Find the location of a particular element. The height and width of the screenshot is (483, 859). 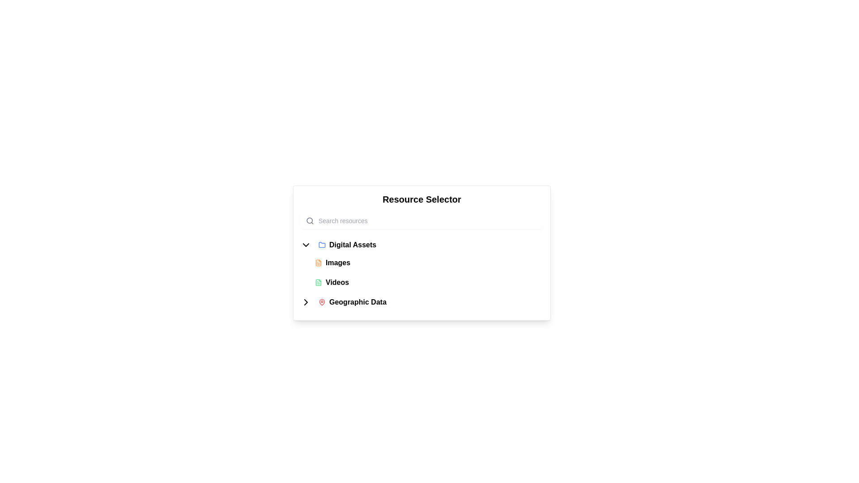

the map pin icon representing 'Geographic Data' in the Resource Selector list is located at coordinates (322, 302).